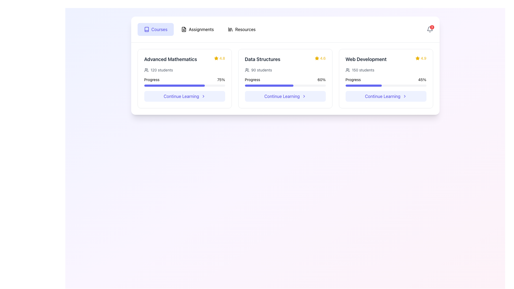 This screenshot has height=289, width=514. Describe the element at coordinates (230, 29) in the screenshot. I see `the library icon element located in the 'Resources' tab, which is positioned between the 'Assignments' tab and the 'Resources' label` at that location.